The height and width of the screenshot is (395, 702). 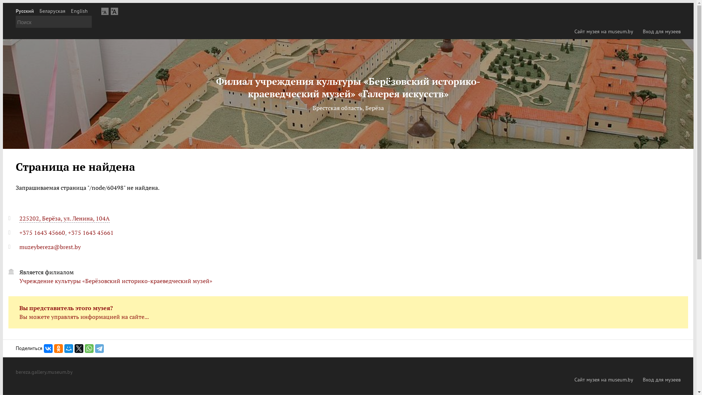 What do you see at coordinates (99, 348) in the screenshot?
I see `'Telegram'` at bounding box center [99, 348].